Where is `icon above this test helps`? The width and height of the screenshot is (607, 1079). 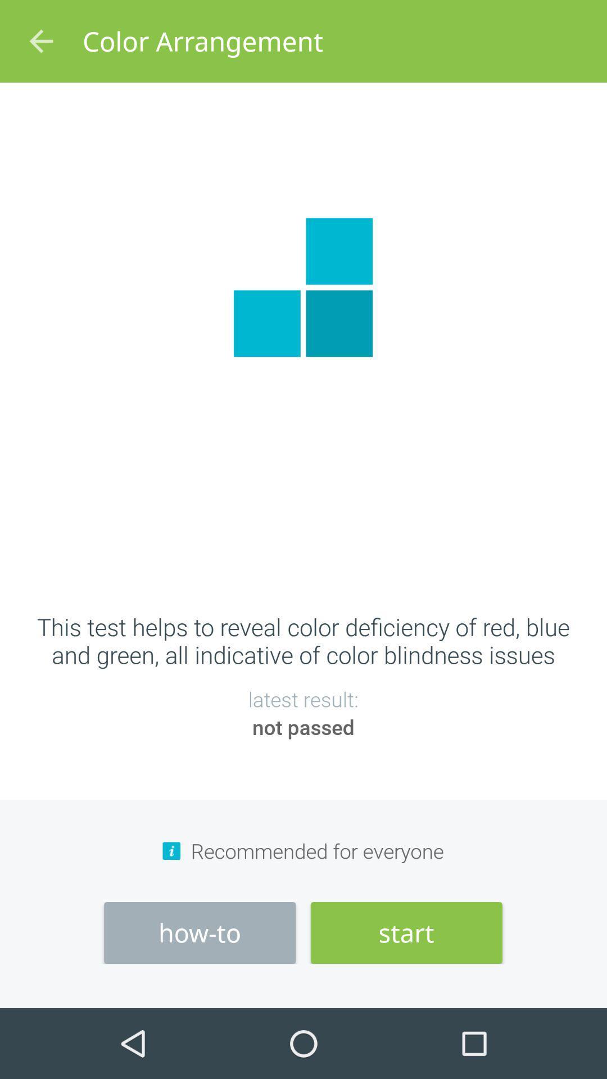 icon above this test helps is located at coordinates (40, 41).